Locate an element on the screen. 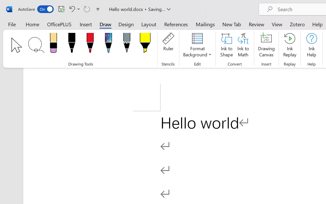 The width and height of the screenshot is (326, 204). 'Highlighter: Yellow, 6 mm' is located at coordinates (145, 44).